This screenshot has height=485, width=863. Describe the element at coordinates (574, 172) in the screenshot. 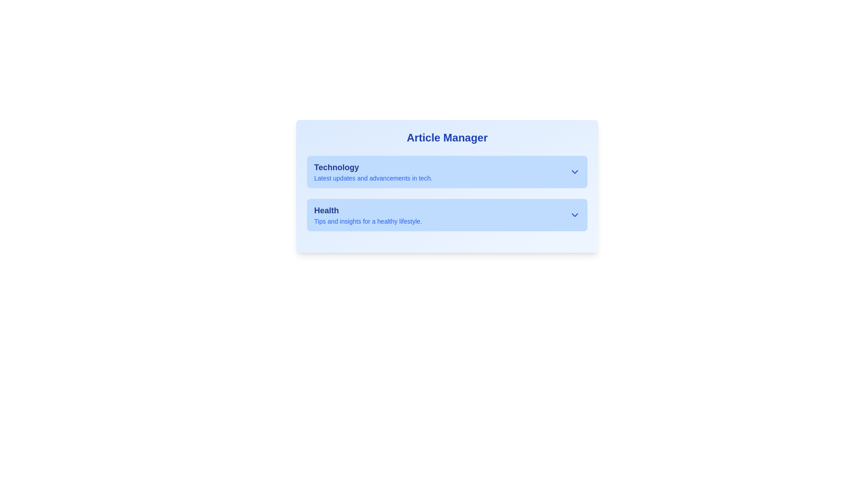

I see `the toggle icon located at the top-right corner of the 'Technology' section` at that location.